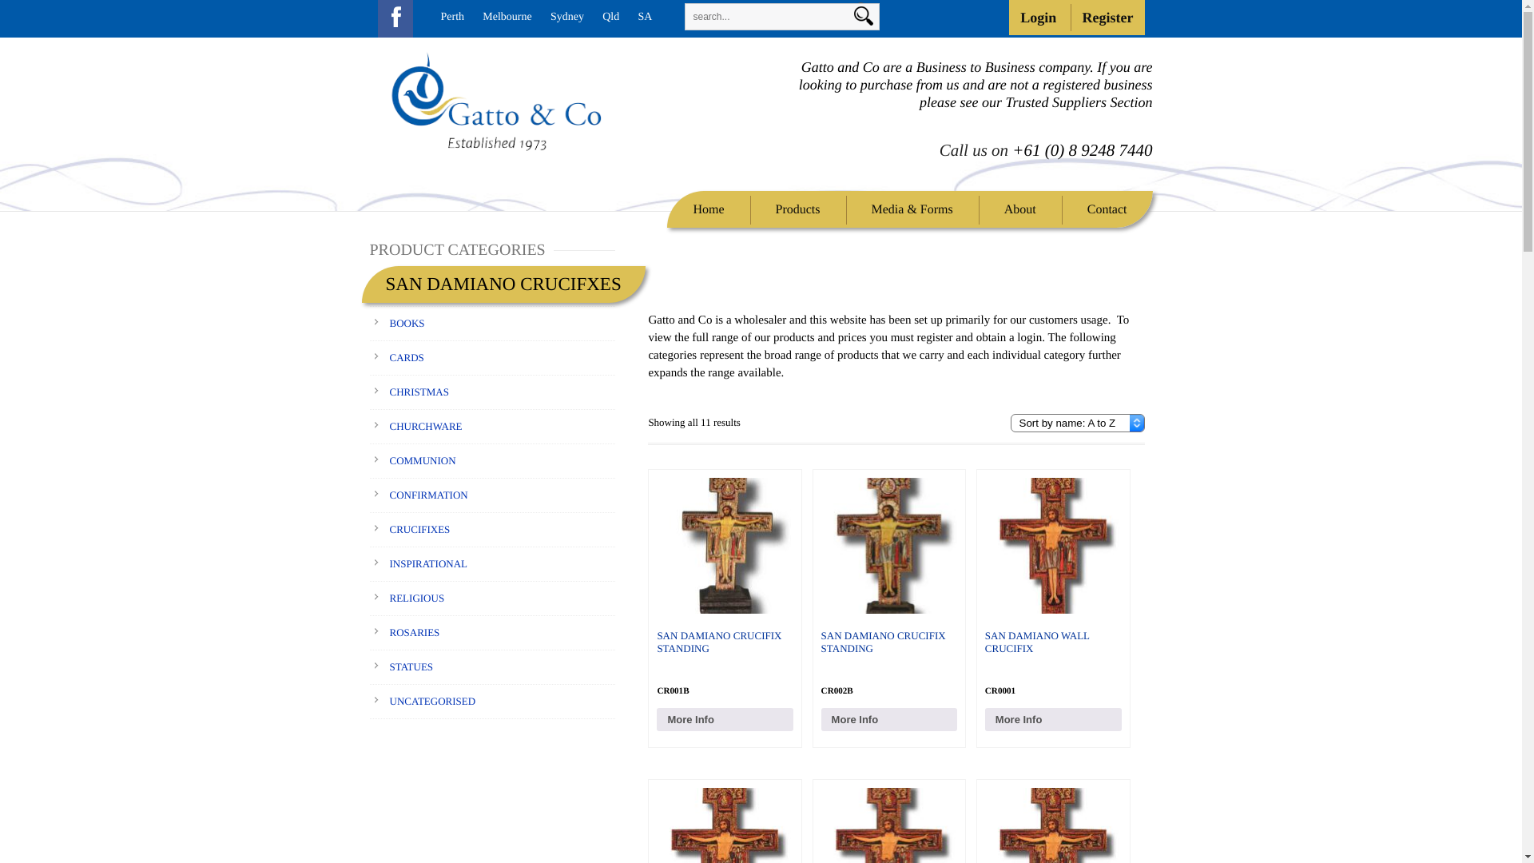 This screenshot has height=863, width=1534. Describe the element at coordinates (420, 529) in the screenshot. I see `'CRUCIFIXES'` at that location.